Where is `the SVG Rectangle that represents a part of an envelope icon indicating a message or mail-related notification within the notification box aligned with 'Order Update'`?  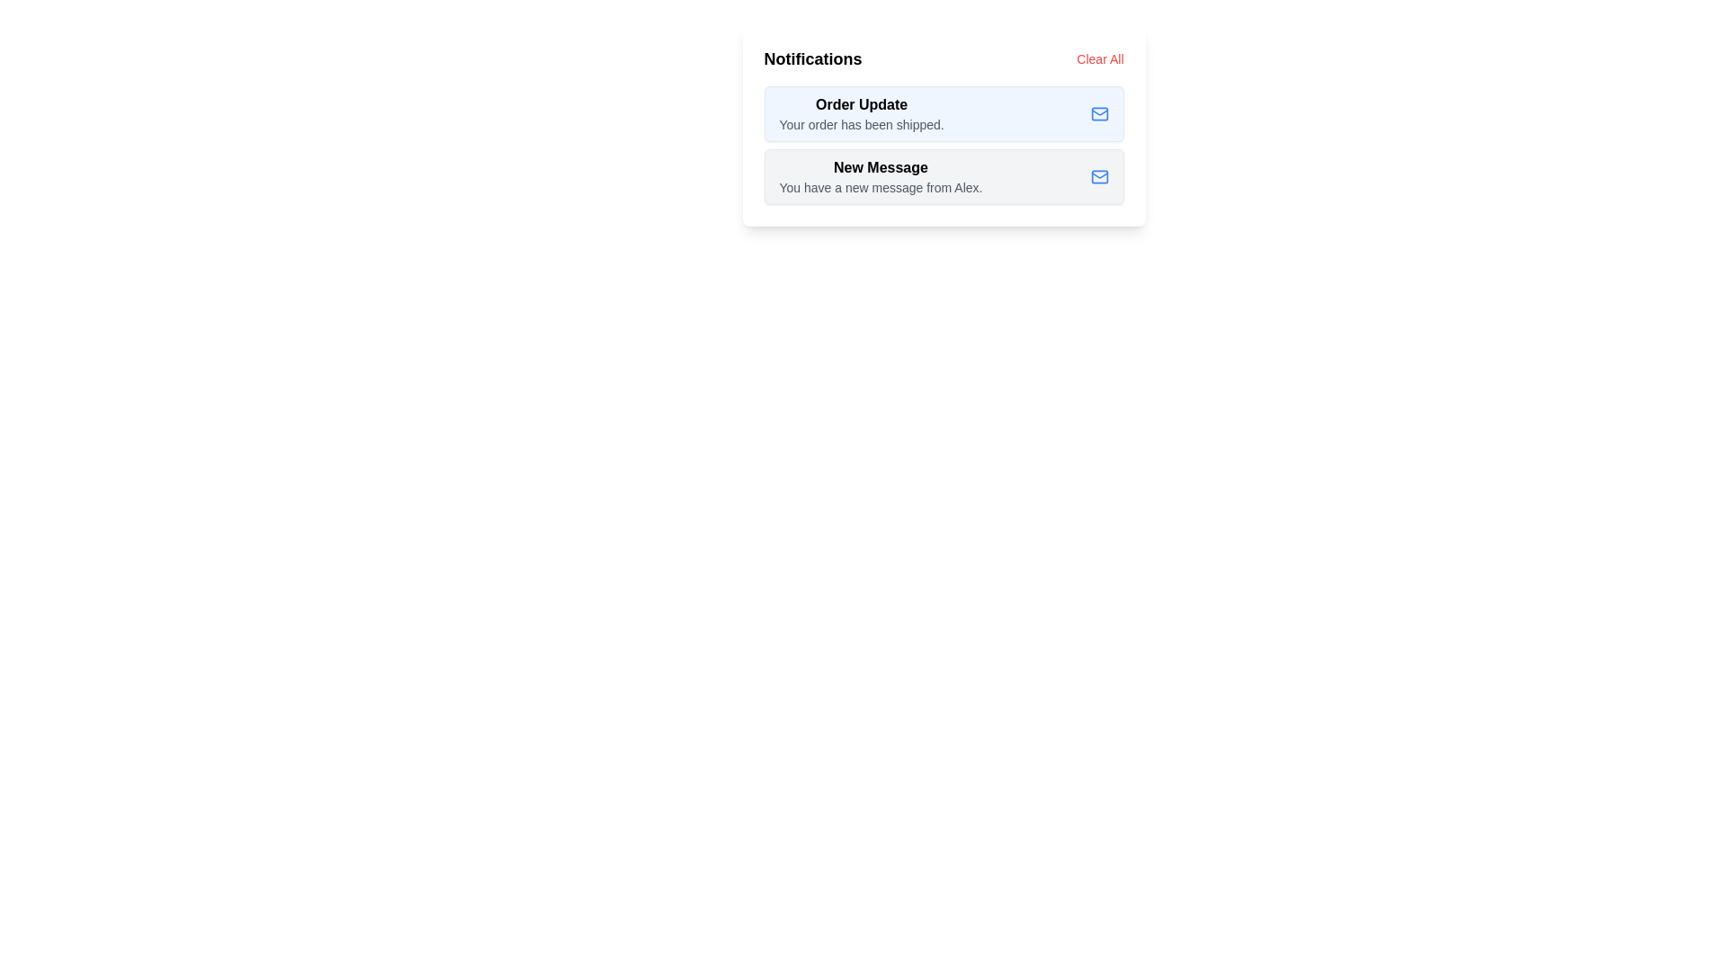 the SVG Rectangle that represents a part of an envelope icon indicating a message or mail-related notification within the notification box aligned with 'Order Update' is located at coordinates (1098, 114).